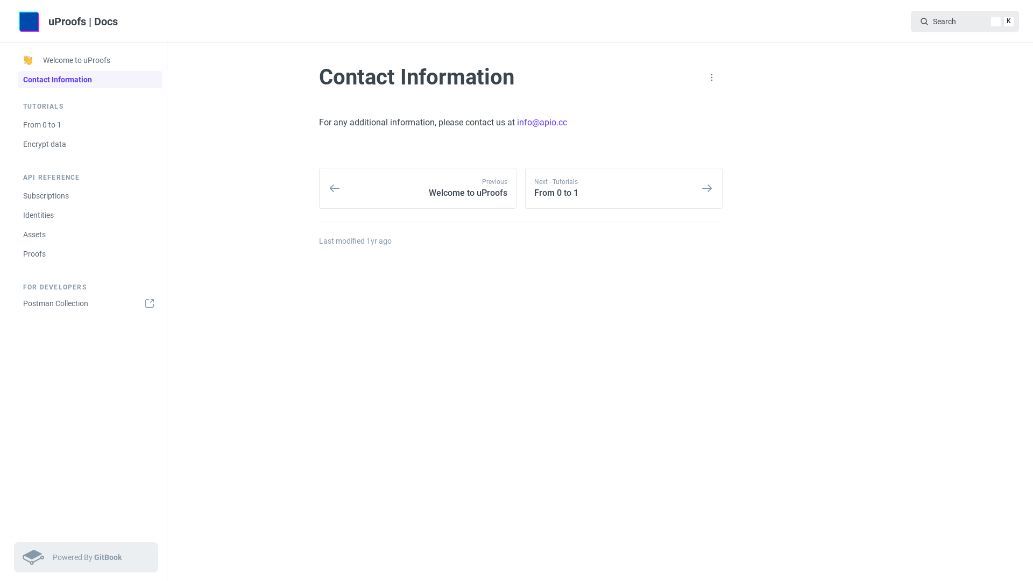 Image resolution: width=1033 pixels, height=581 pixels. Describe the element at coordinates (90, 253) in the screenshot. I see `'Proofs'` at that location.